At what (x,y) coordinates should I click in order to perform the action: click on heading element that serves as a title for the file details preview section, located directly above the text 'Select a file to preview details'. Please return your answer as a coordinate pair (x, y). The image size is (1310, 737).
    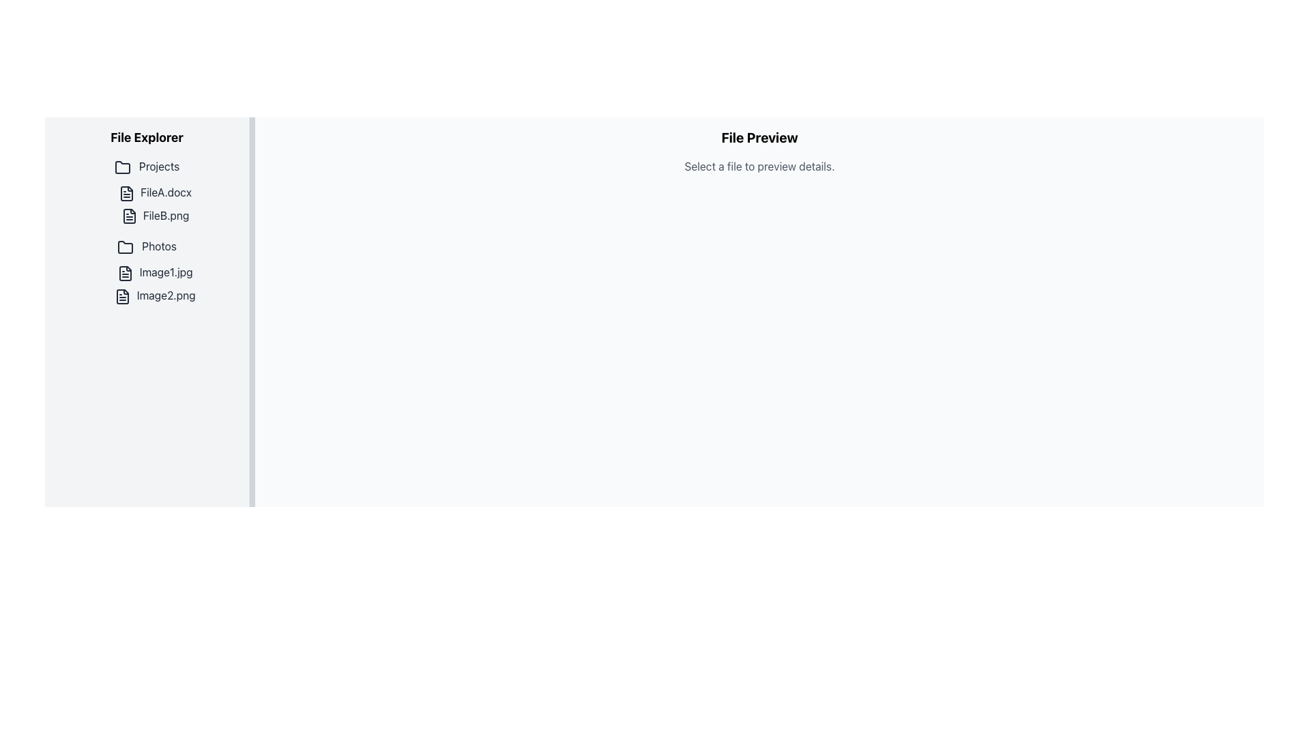
    Looking at the image, I should click on (759, 137).